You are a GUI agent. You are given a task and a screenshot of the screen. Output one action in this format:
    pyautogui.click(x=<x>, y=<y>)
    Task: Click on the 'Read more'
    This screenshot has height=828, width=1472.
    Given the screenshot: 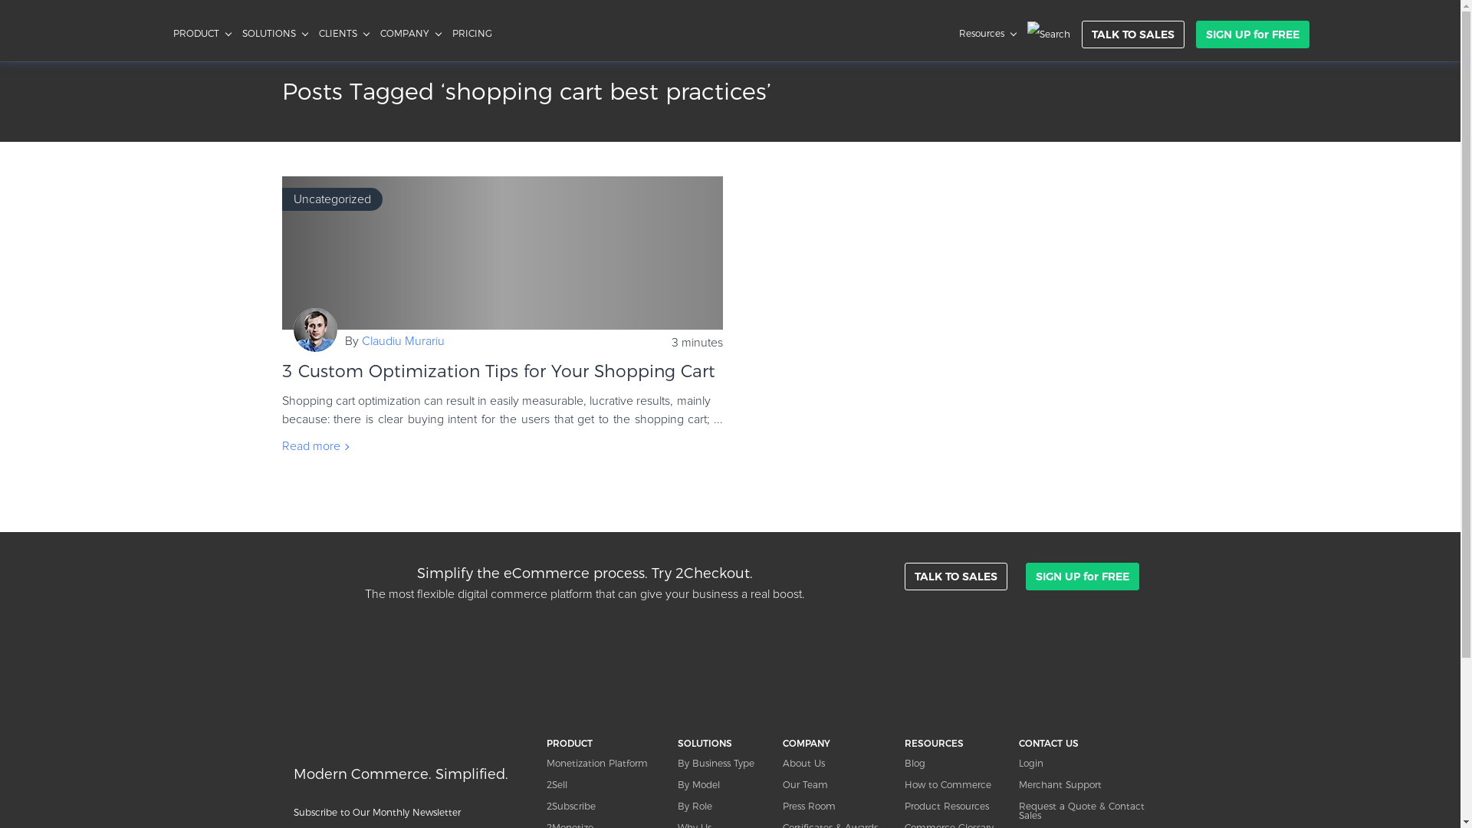 What is the action you would take?
    pyautogui.click(x=282, y=446)
    